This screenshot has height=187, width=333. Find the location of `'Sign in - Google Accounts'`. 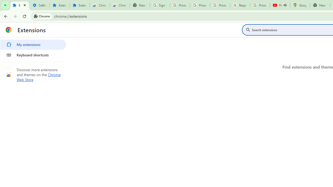

'Sign in - Google Accounts' is located at coordinates (159, 5).